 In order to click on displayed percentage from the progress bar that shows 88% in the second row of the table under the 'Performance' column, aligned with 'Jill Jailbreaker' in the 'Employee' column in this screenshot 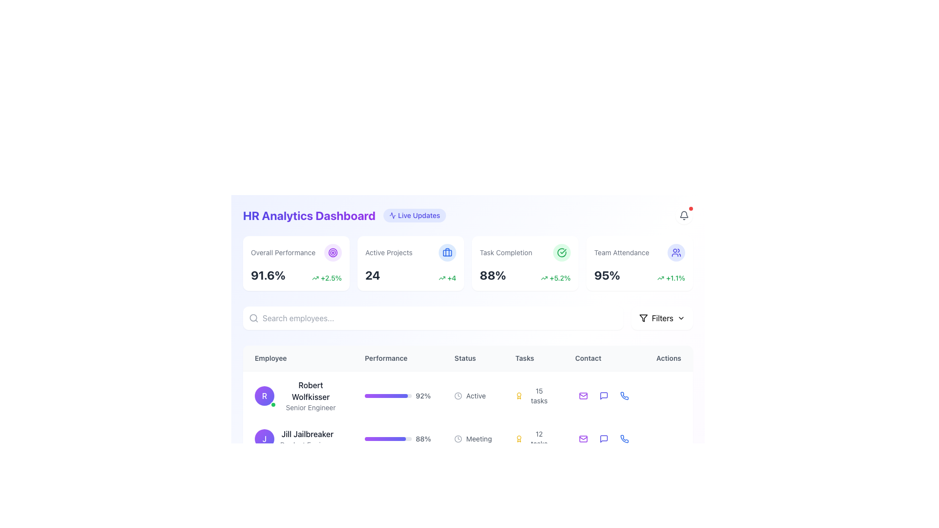, I will do `click(398, 439)`.